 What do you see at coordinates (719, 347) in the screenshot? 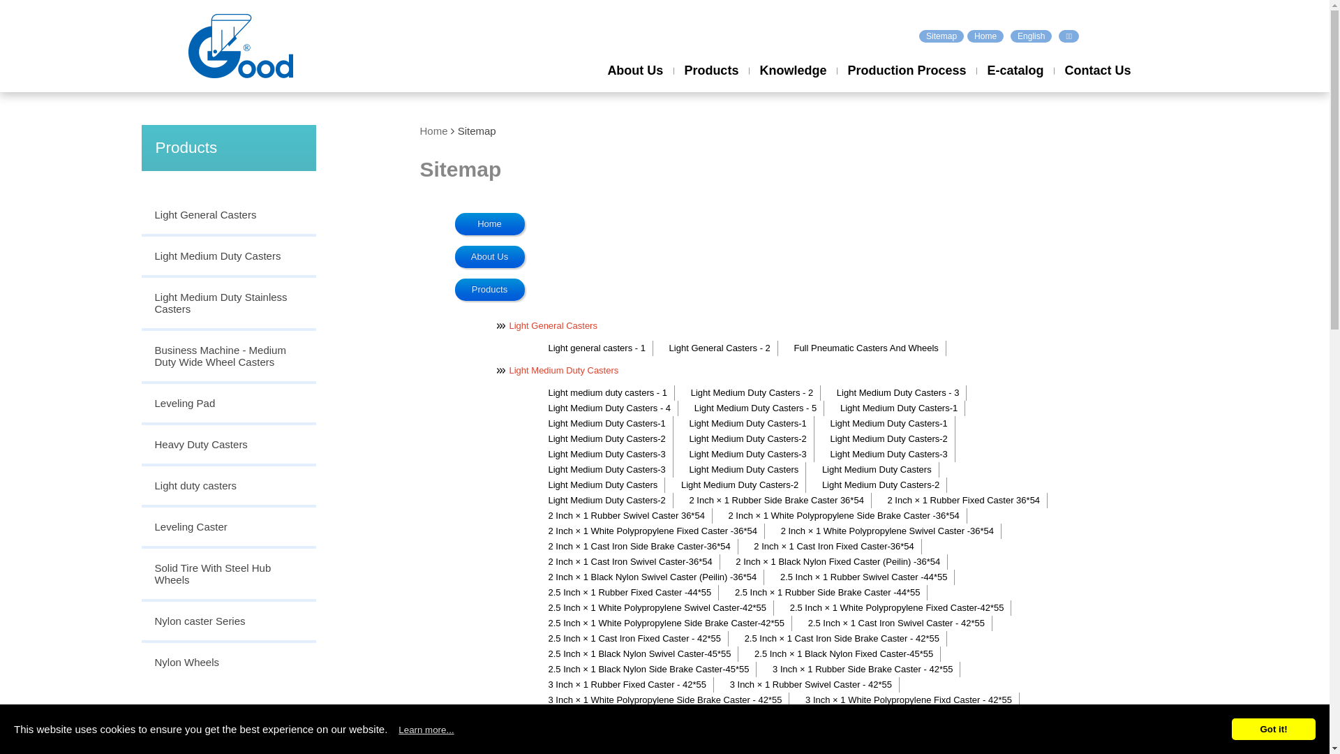
I see `'Light General Casters - 2'` at bounding box center [719, 347].